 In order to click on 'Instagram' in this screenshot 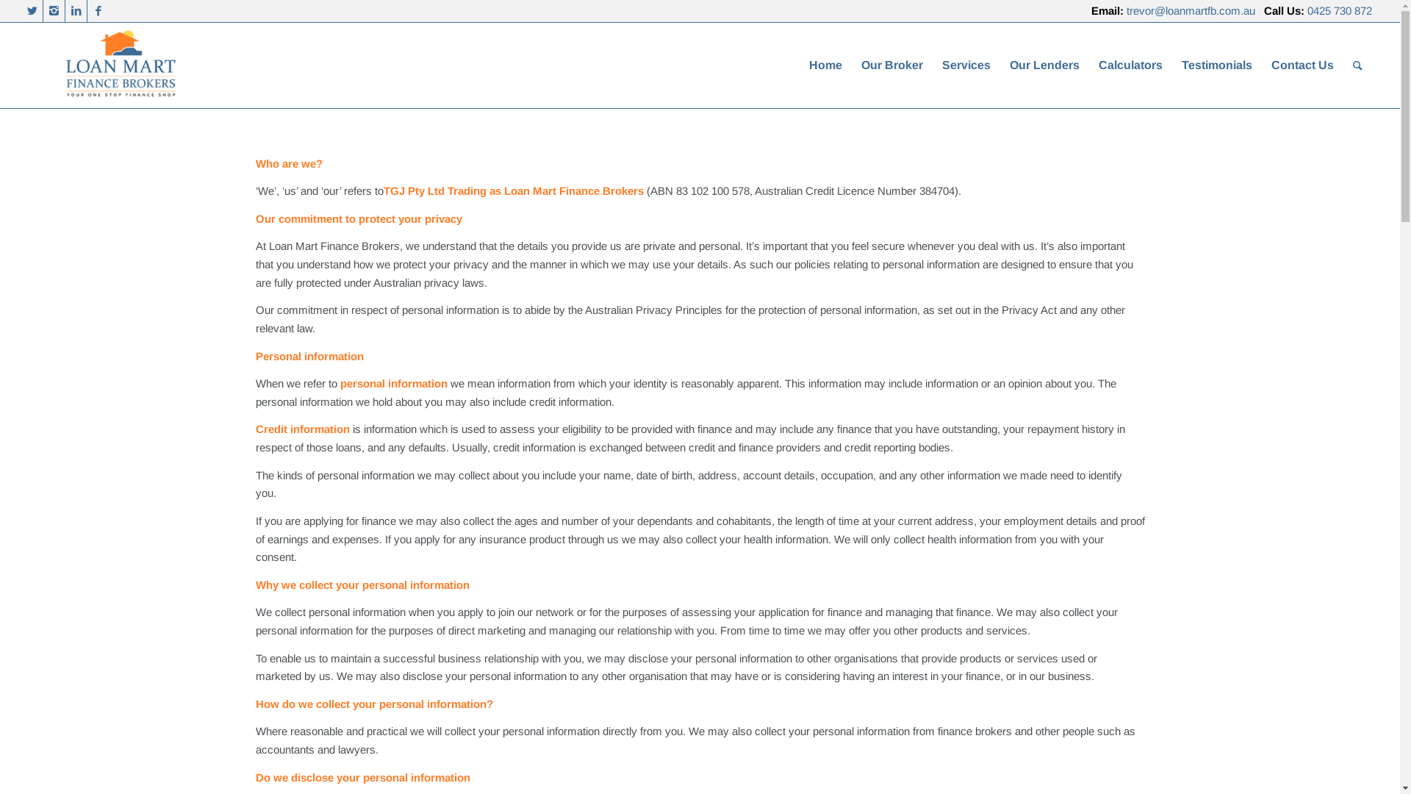, I will do `click(54, 11)`.